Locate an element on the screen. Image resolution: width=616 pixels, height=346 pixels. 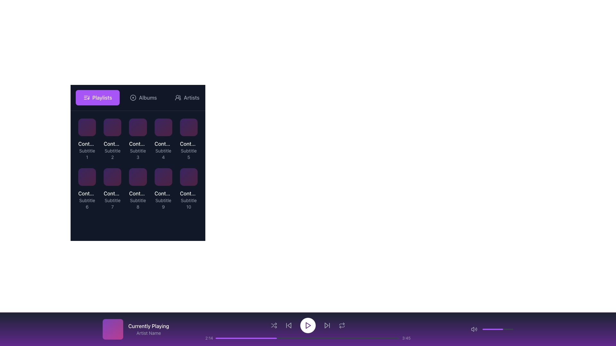
the purple progress bar segment located in the bottom-right section of the interface is located at coordinates (492, 329).